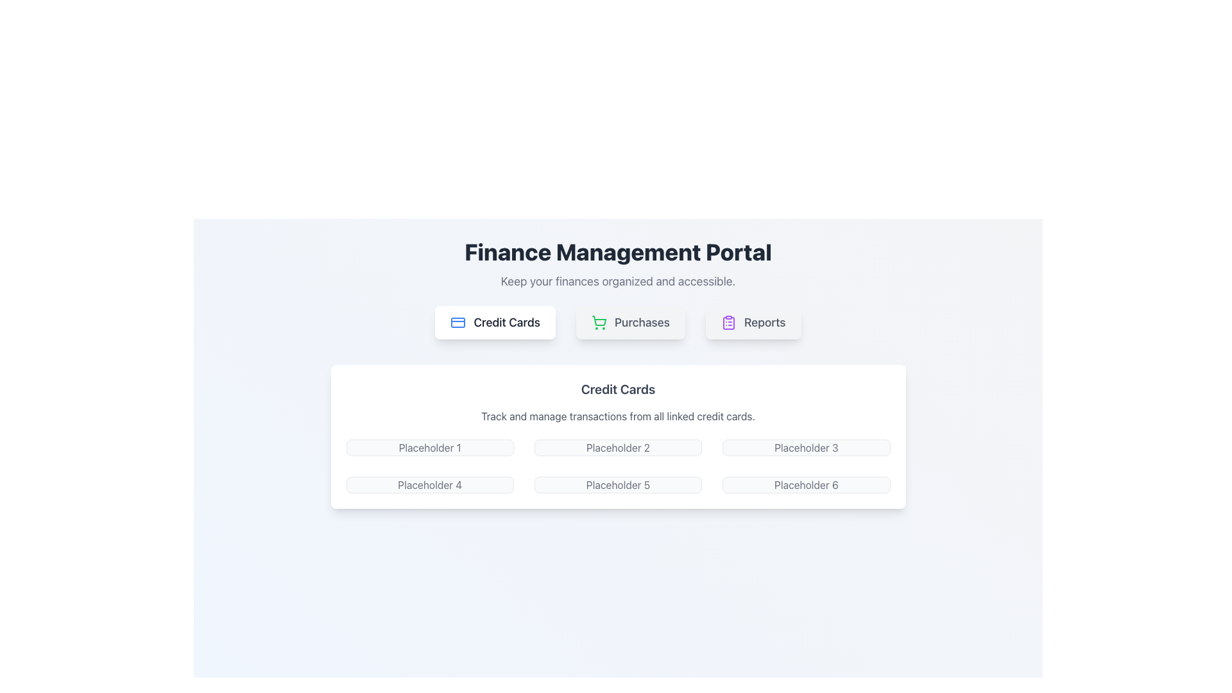 This screenshot has width=1232, height=693. What do you see at coordinates (458, 321) in the screenshot?
I see `the blue credit card icon located in the 'Credit Cards' box at the top-center of the interface` at bounding box center [458, 321].